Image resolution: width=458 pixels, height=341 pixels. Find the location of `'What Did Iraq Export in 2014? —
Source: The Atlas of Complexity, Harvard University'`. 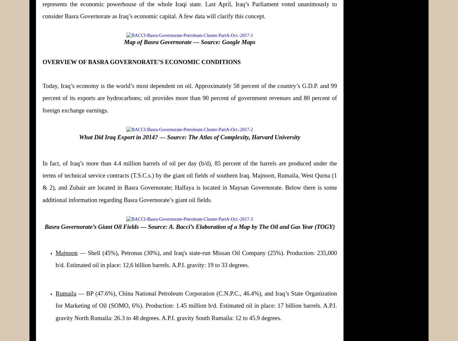

'What Did Iraq Export in 2014? —
Source: The Atlas of Complexity, Harvard University' is located at coordinates (79, 137).